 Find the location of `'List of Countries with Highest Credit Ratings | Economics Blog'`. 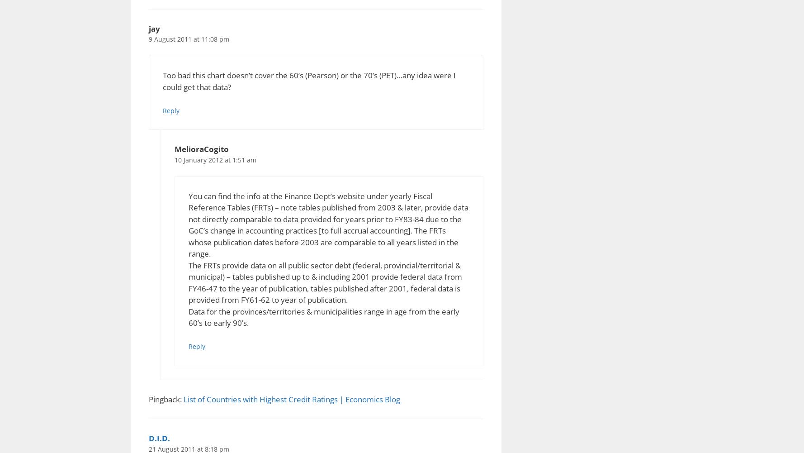

'List of Countries with Highest Credit Ratings | Economics Blog' is located at coordinates (292, 399).